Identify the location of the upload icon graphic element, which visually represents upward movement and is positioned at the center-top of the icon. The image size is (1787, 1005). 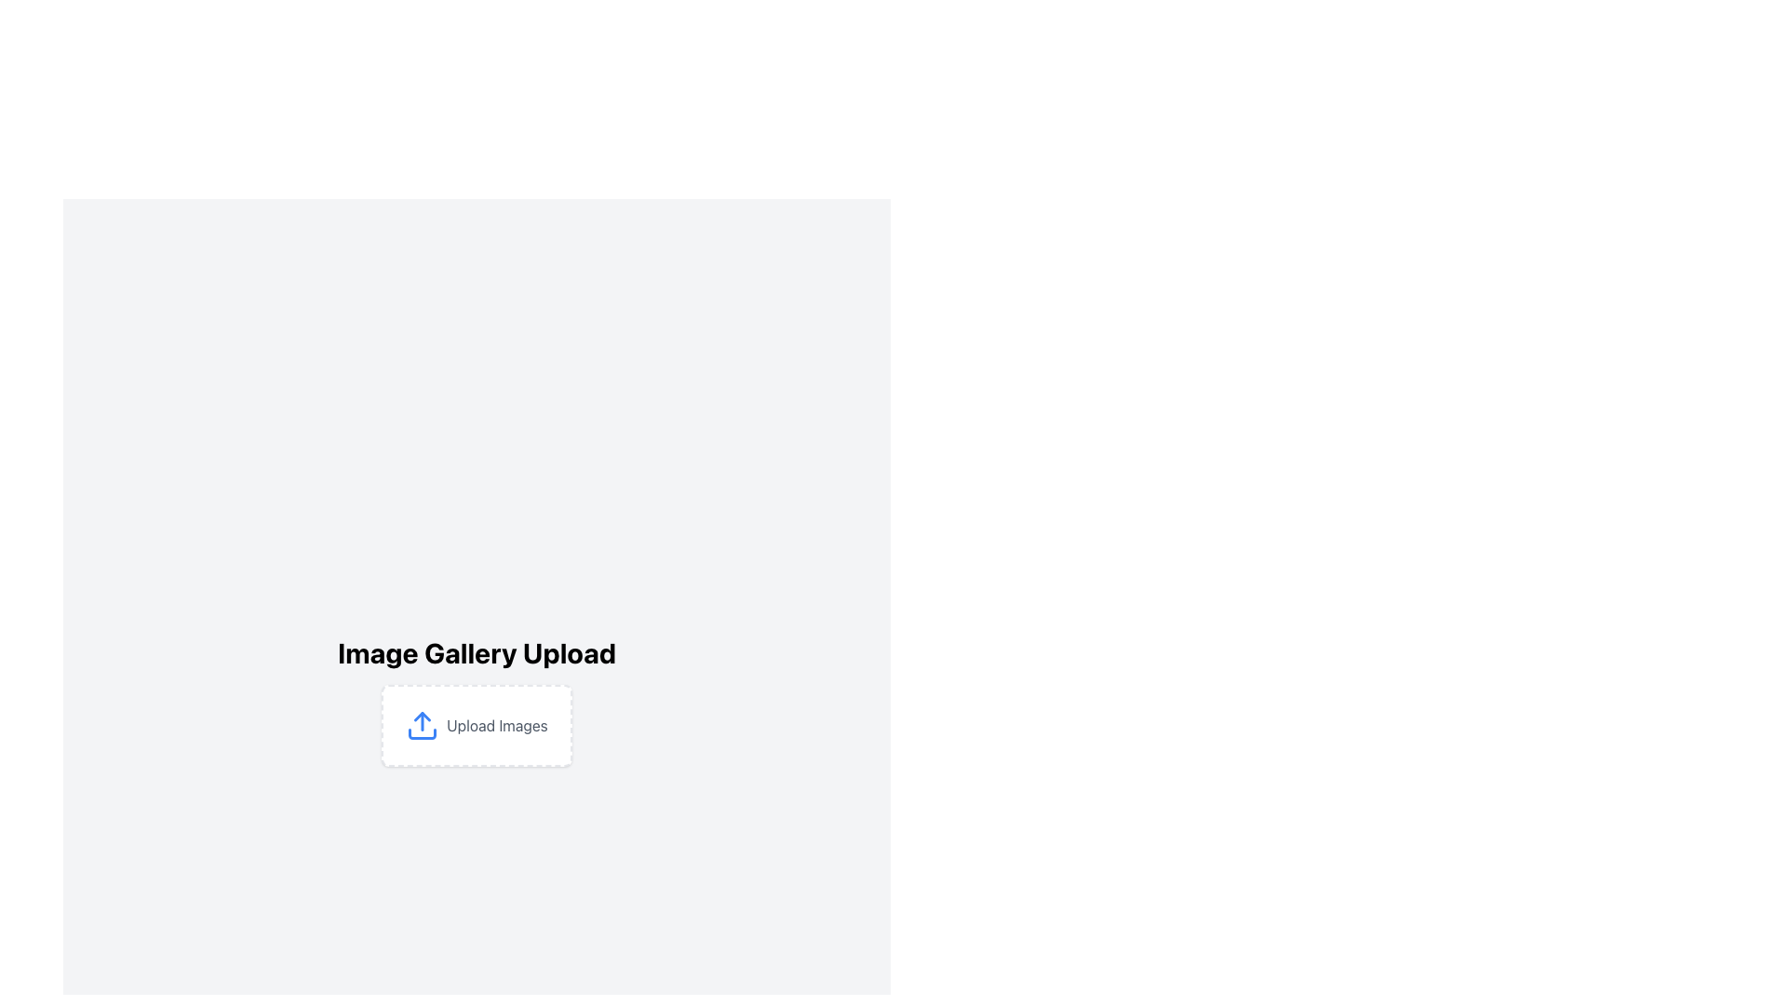
(422, 716).